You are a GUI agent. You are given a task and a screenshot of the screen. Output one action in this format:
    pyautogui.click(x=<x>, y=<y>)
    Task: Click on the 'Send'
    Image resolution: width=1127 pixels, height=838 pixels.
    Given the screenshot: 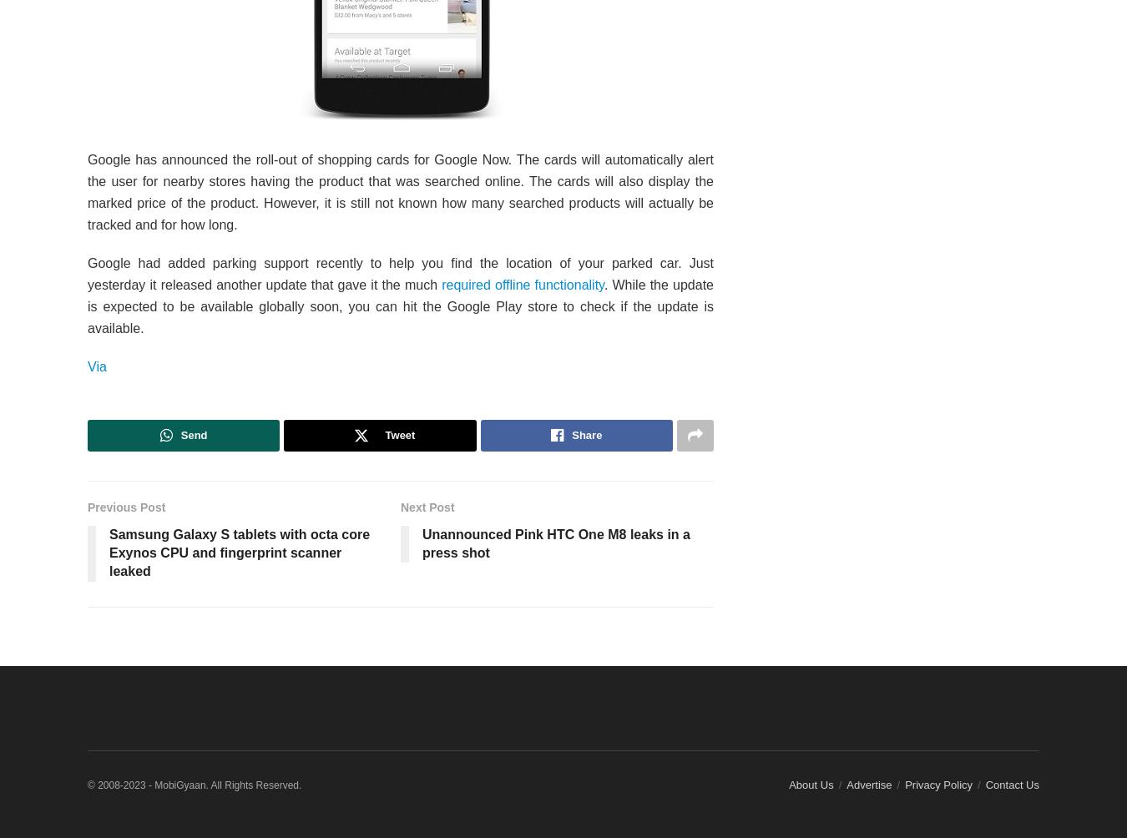 What is the action you would take?
    pyautogui.click(x=193, y=435)
    